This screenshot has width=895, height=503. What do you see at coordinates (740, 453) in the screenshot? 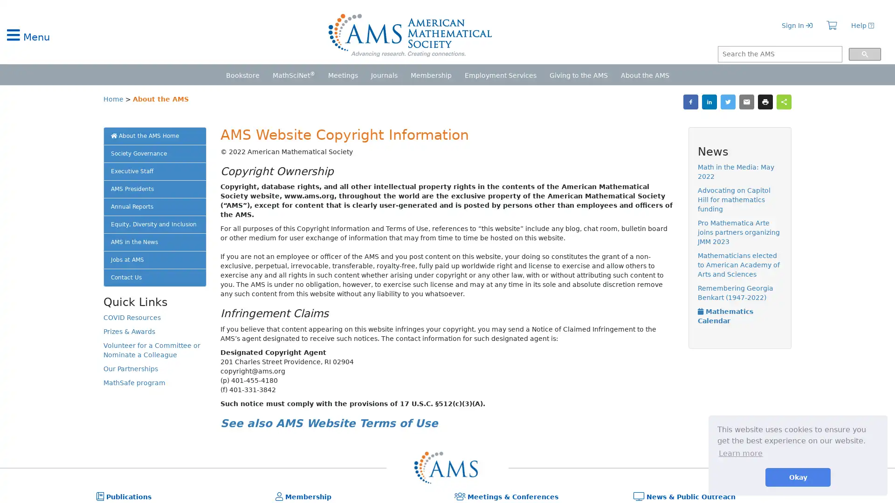
I see `learn more about cookies` at bounding box center [740, 453].